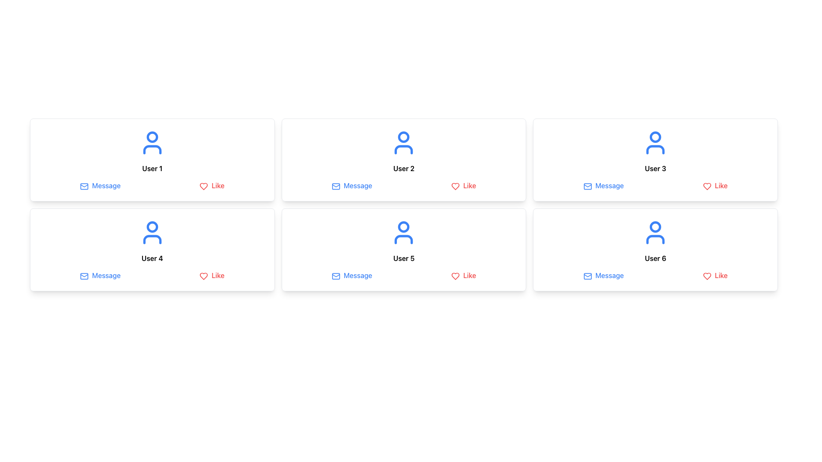 Image resolution: width=822 pixels, height=462 pixels. I want to click on the button with an icon and text located beneath the user profile labeled 'User 5' to send a message to the user, so click(351, 275).